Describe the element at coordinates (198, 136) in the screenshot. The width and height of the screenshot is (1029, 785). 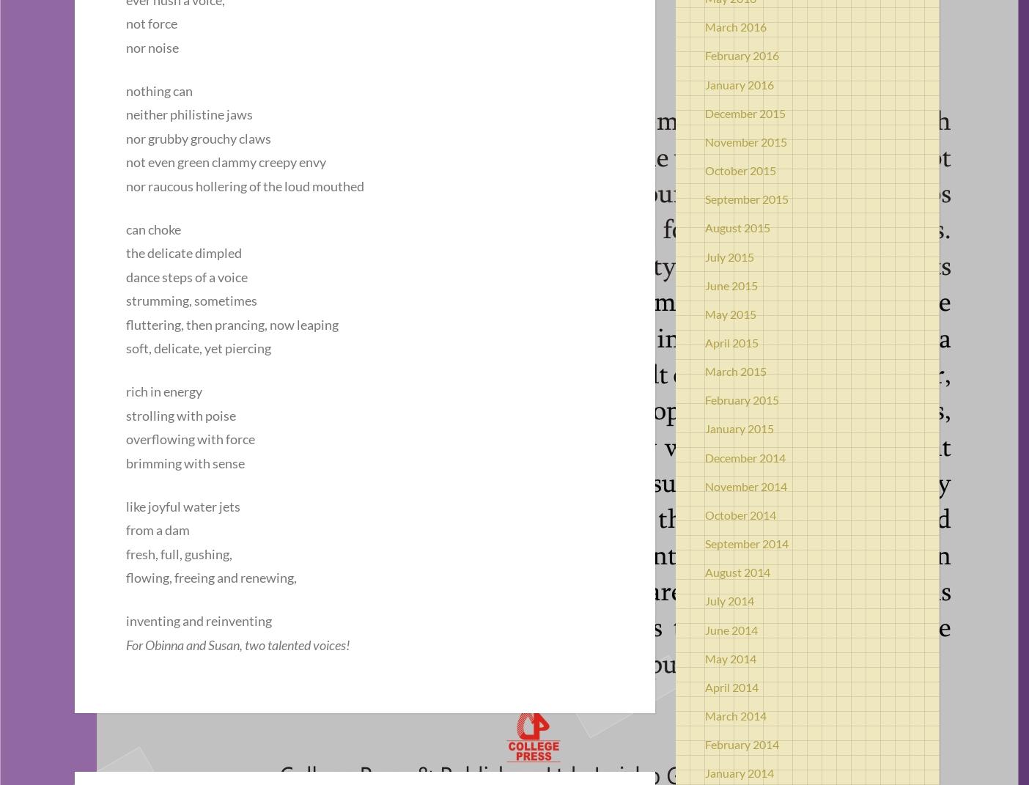
I see `'nor grubby grouchy claws'` at that location.